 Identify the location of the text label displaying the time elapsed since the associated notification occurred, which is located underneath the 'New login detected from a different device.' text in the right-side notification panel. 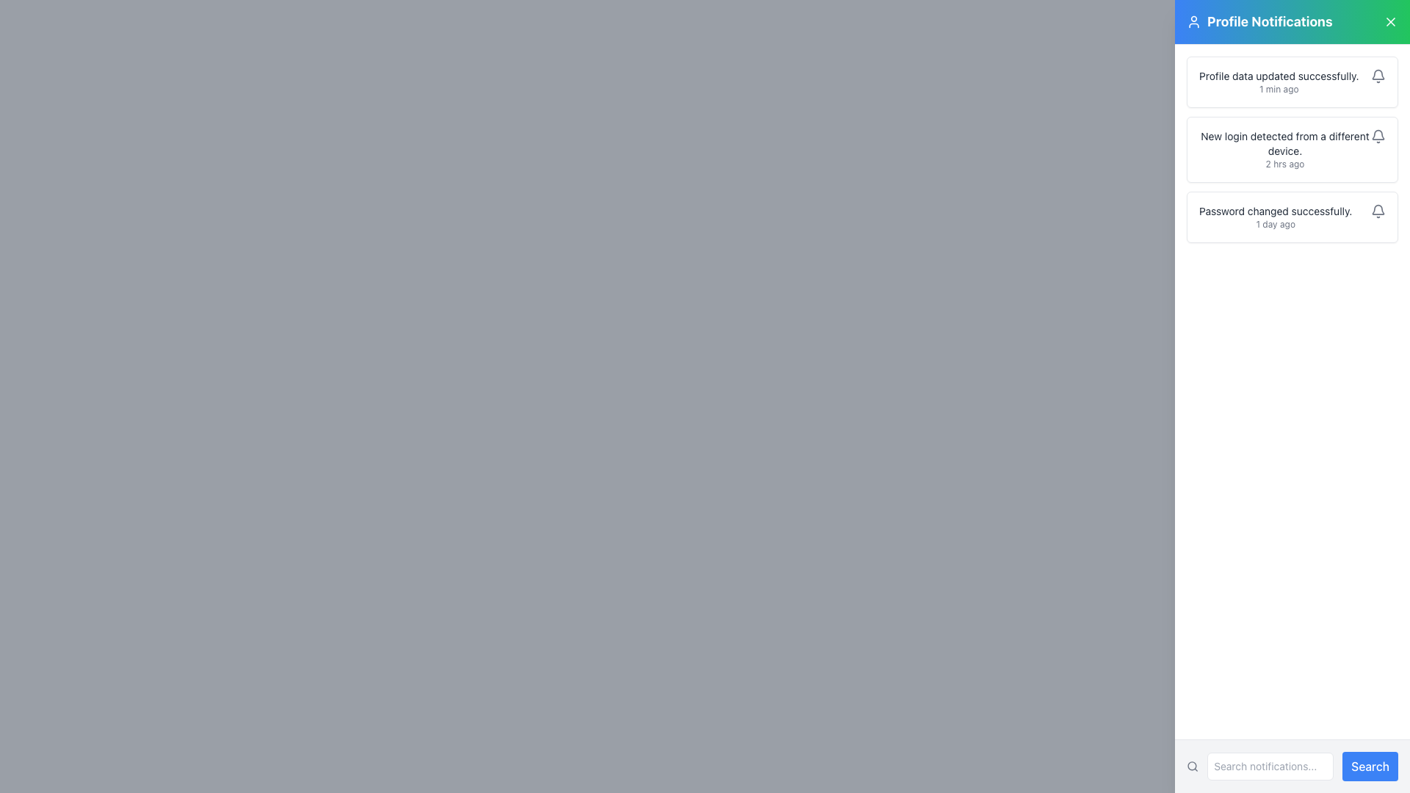
(1284, 164).